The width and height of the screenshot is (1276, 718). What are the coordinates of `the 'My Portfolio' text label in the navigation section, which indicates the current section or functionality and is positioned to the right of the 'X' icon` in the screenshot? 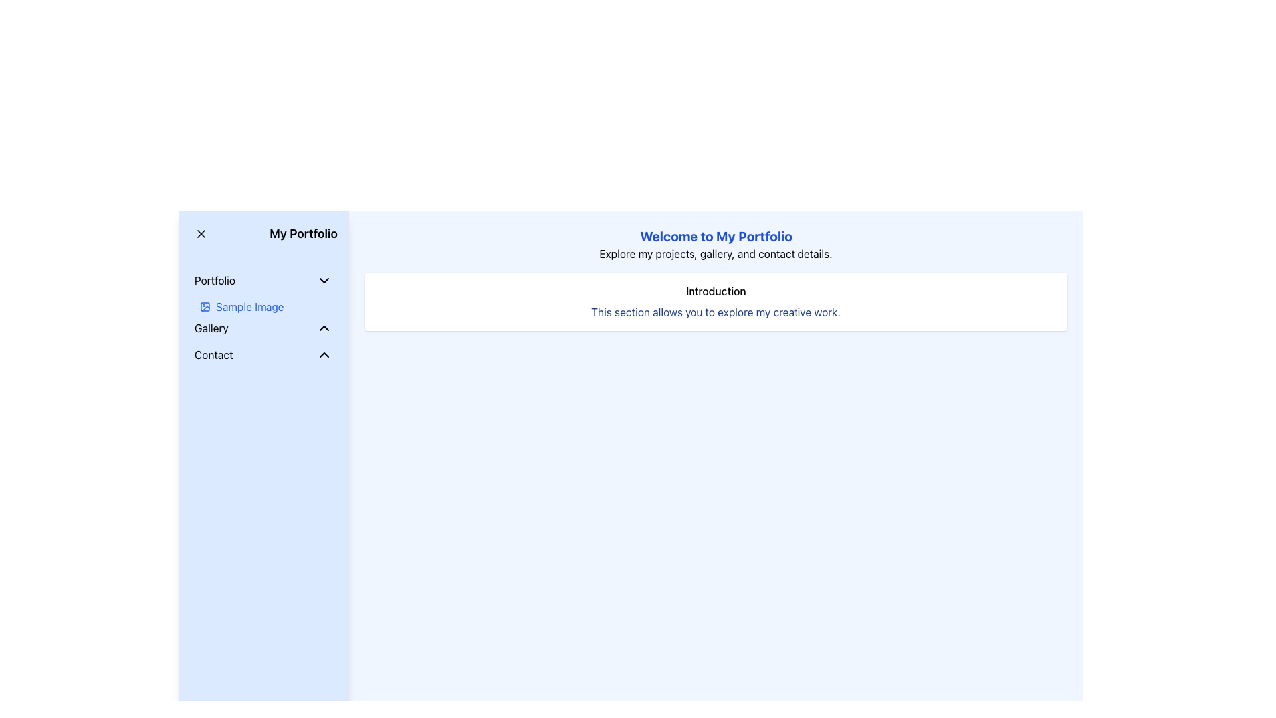 It's located at (303, 233).